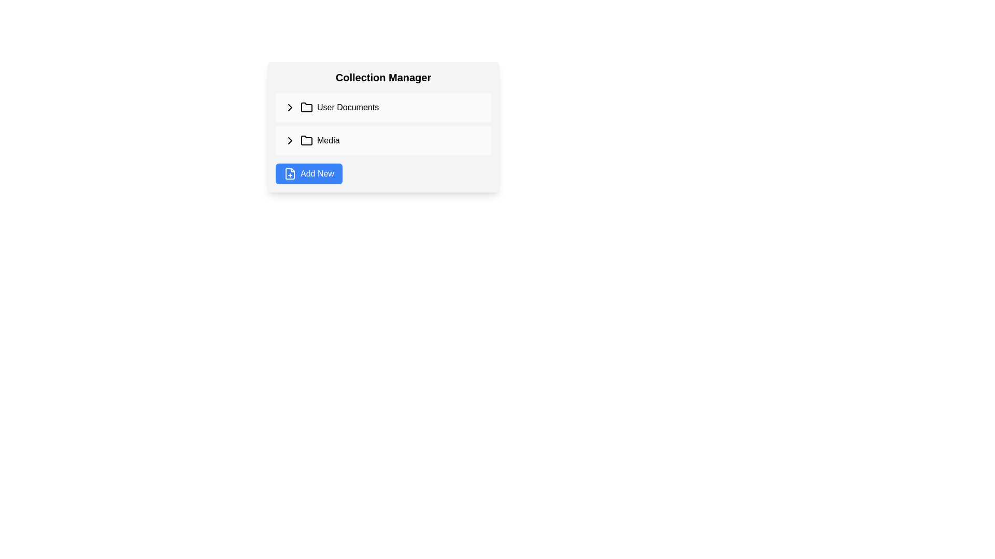 This screenshot has width=995, height=559. What do you see at coordinates (306, 140) in the screenshot?
I see `the folder icon located to the left of the label 'Media' in the second row of the 'Collection Manager'` at bounding box center [306, 140].